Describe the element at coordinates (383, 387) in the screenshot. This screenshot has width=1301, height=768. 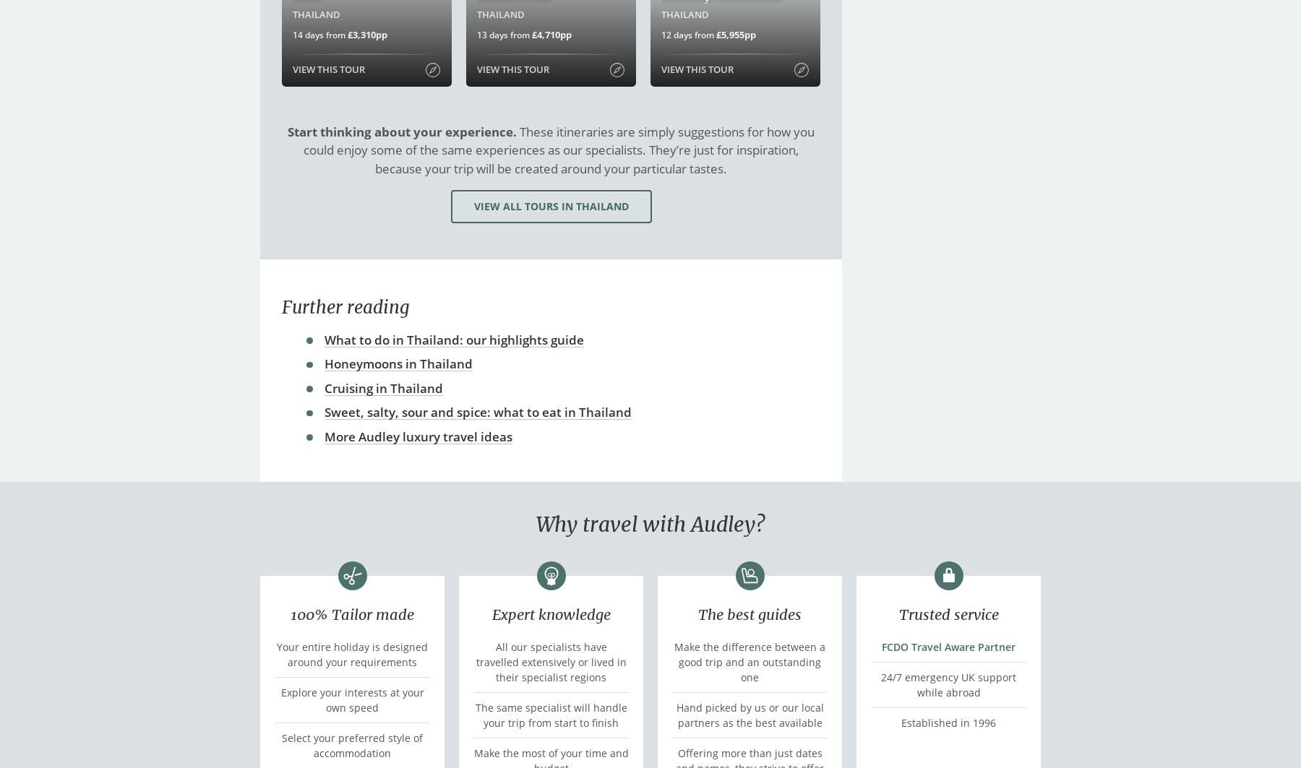
I see `'Cruising in Thailand'` at that location.